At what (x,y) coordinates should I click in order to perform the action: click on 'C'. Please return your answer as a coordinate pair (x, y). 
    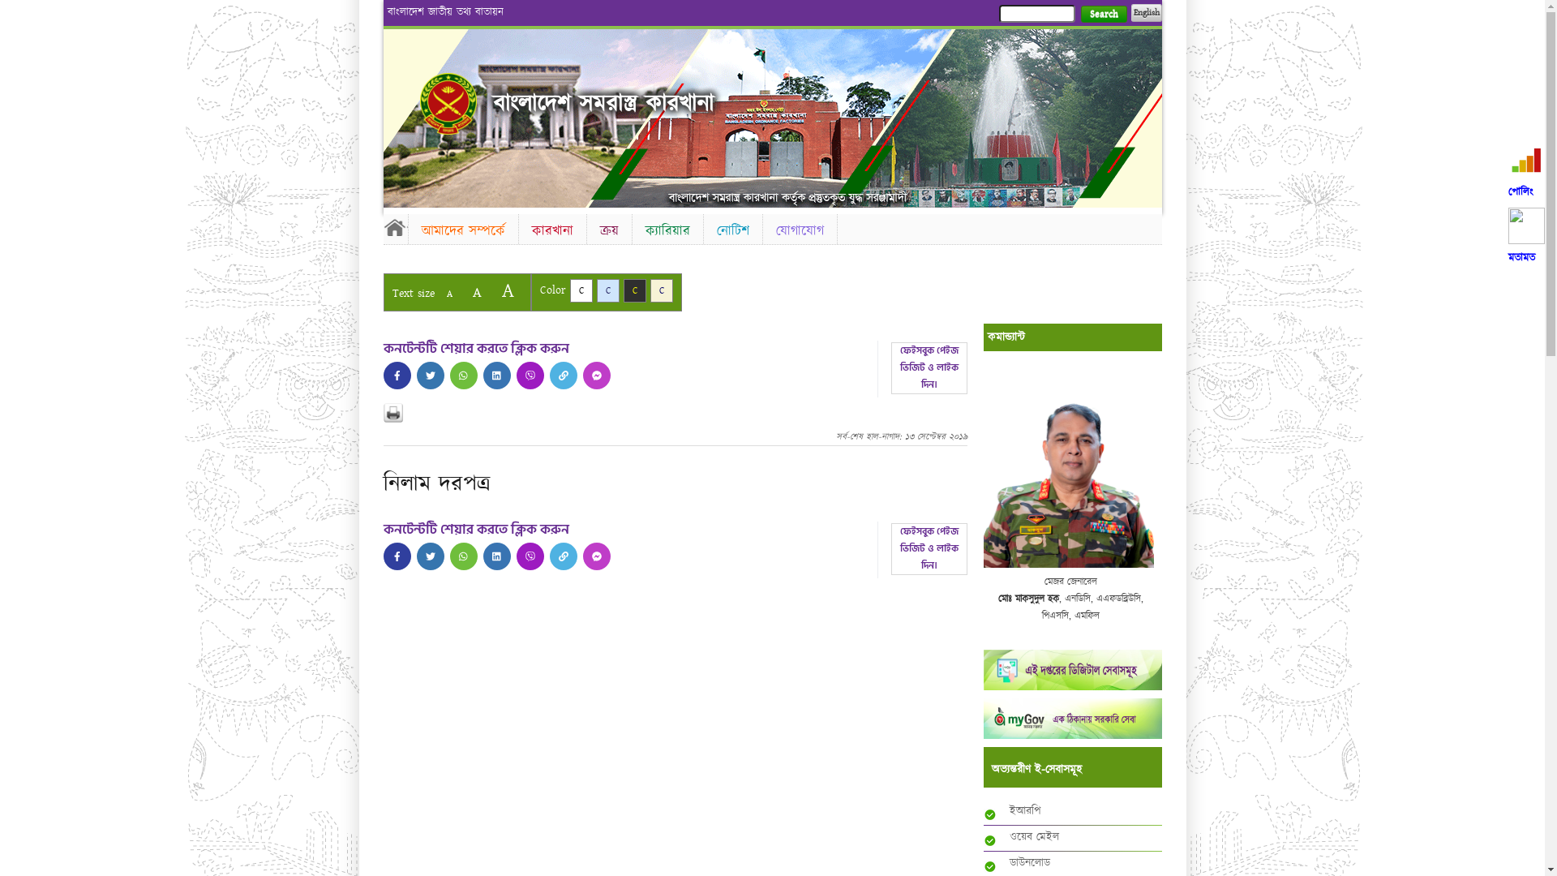
    Looking at the image, I should click on (662, 290).